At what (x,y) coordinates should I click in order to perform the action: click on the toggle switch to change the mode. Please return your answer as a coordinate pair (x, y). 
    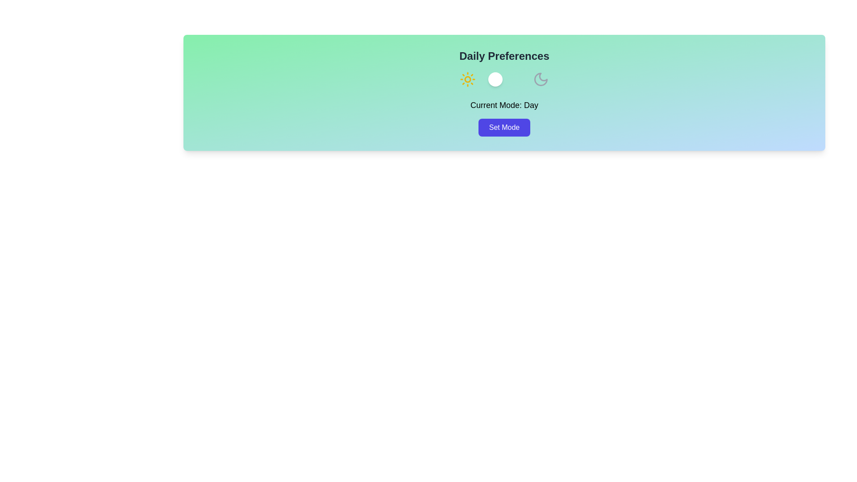
    Looking at the image, I should click on (504, 79).